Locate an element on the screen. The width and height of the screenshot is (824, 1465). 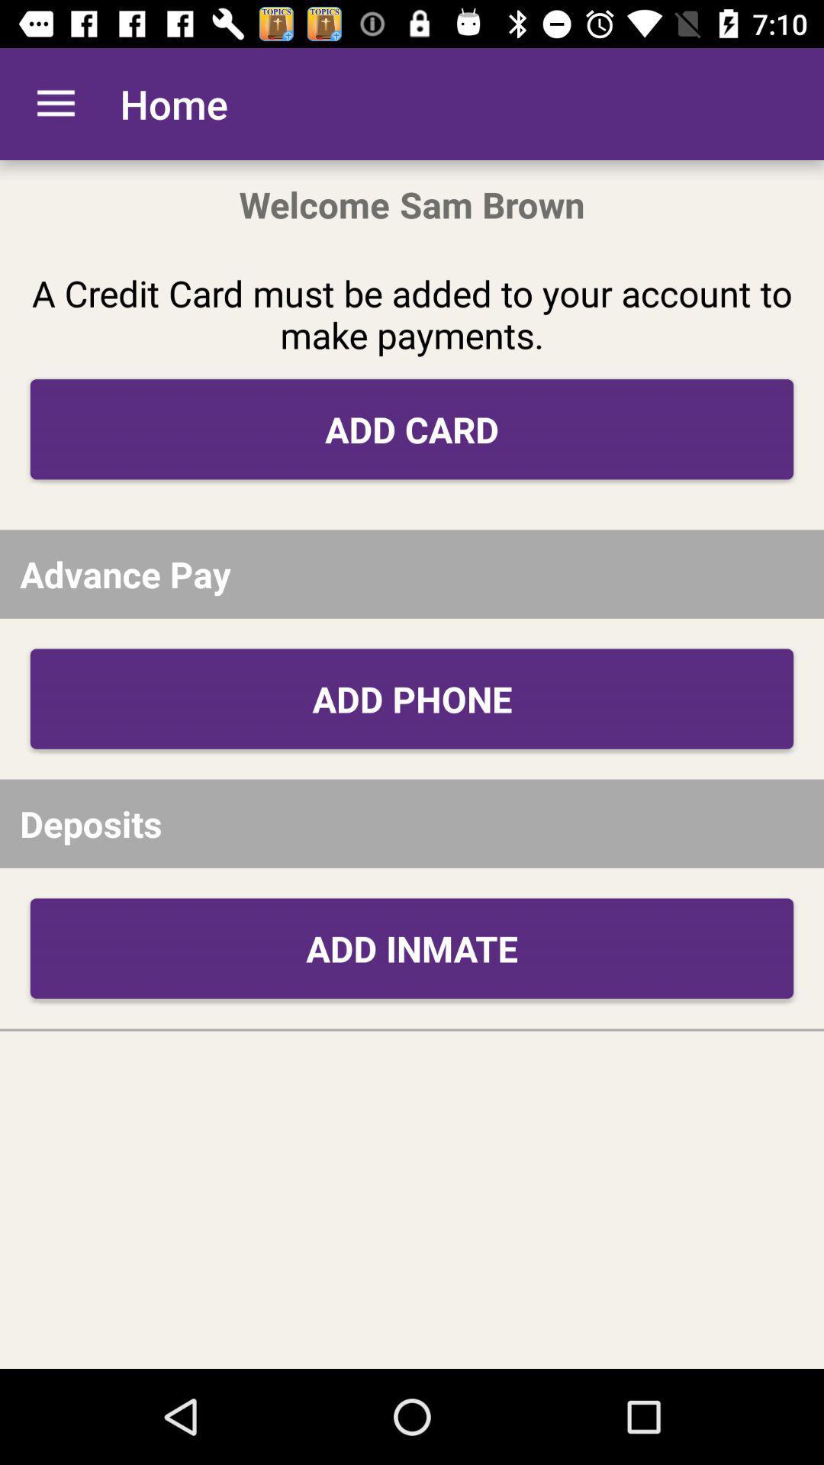
item next to the home icon is located at coordinates (55, 103).